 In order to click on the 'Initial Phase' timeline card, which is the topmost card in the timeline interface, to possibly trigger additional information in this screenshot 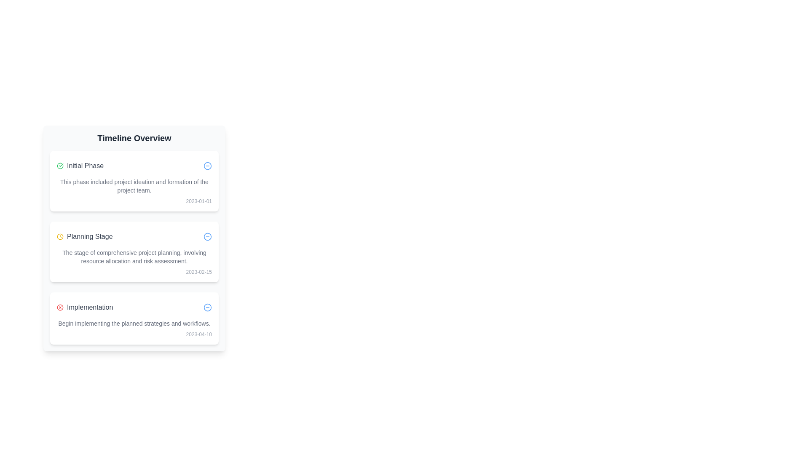, I will do `click(134, 180)`.